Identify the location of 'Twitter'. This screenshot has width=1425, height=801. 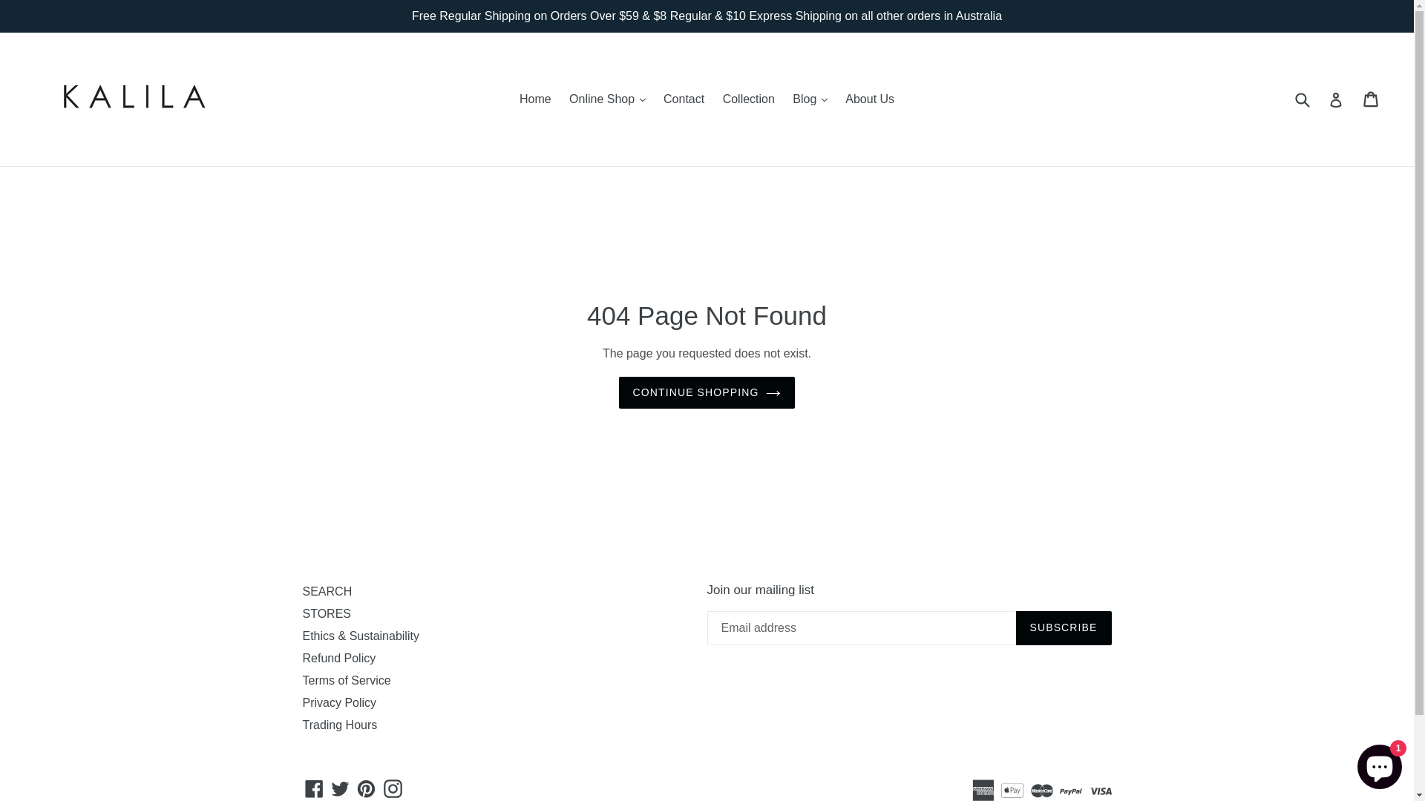
(339, 788).